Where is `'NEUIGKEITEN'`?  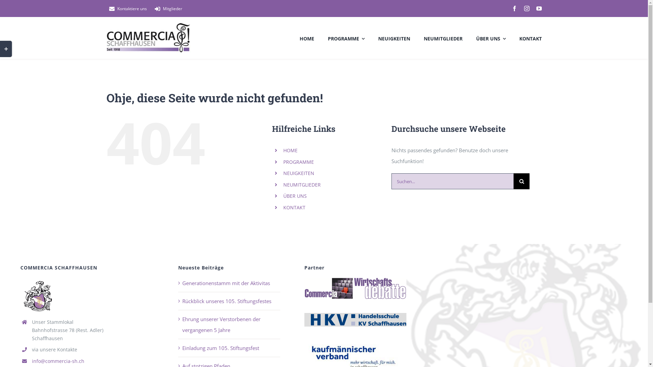
'NEUIGKEITEN' is located at coordinates (299, 173).